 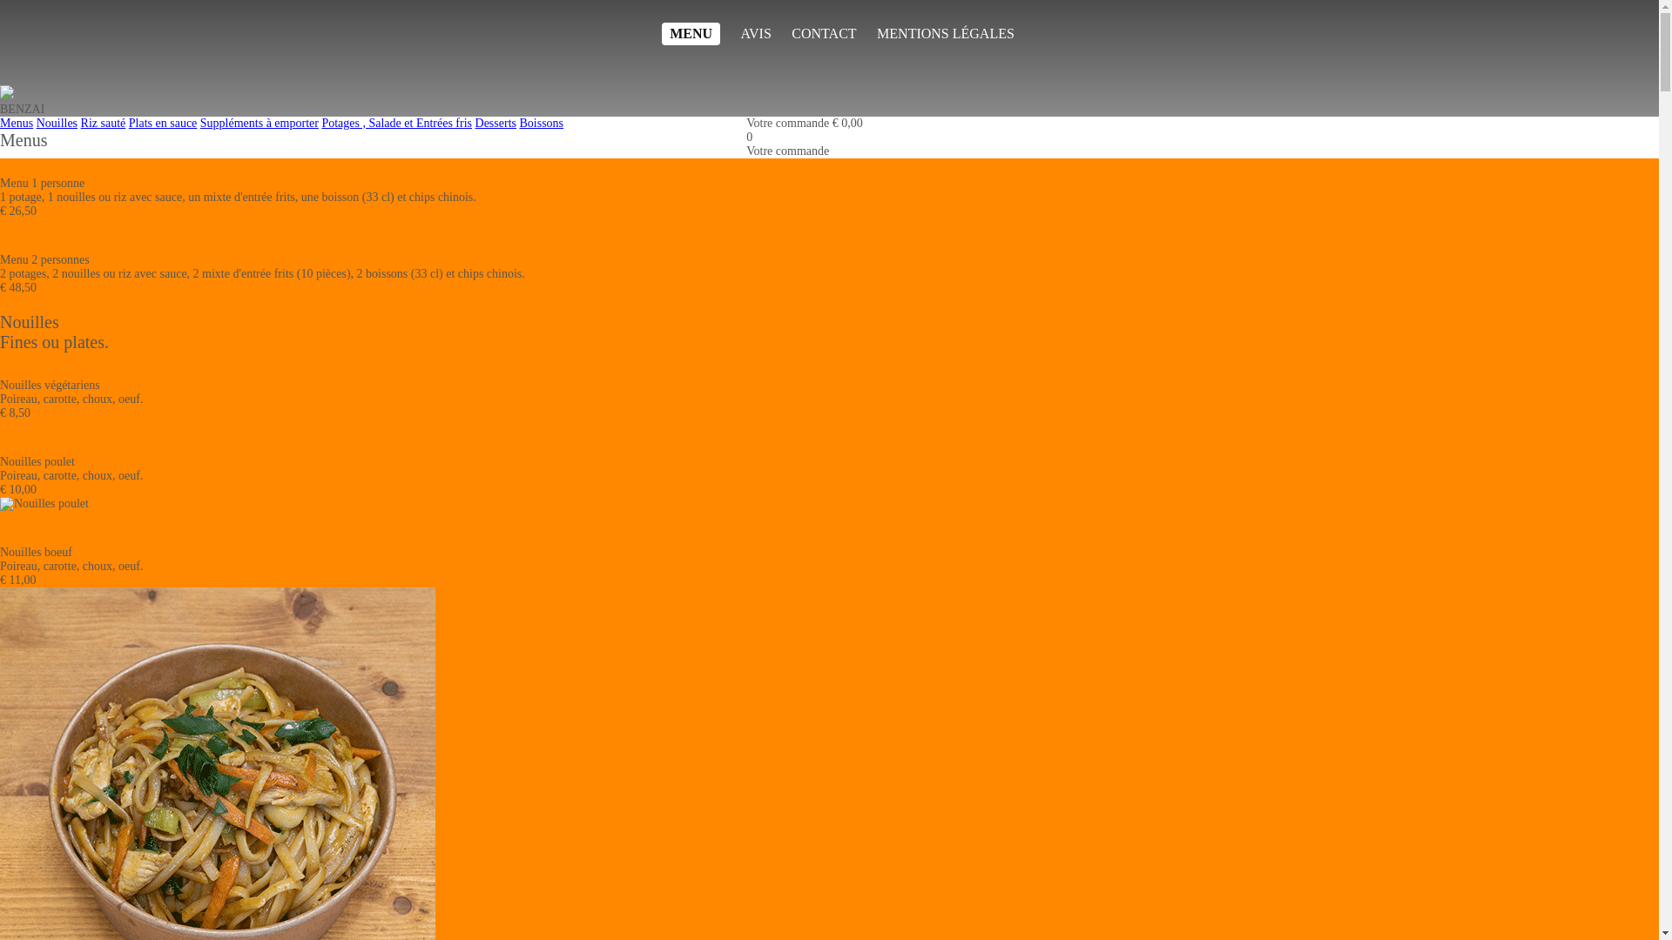 I want to click on 'Plats en sauce', so click(x=163, y=122).